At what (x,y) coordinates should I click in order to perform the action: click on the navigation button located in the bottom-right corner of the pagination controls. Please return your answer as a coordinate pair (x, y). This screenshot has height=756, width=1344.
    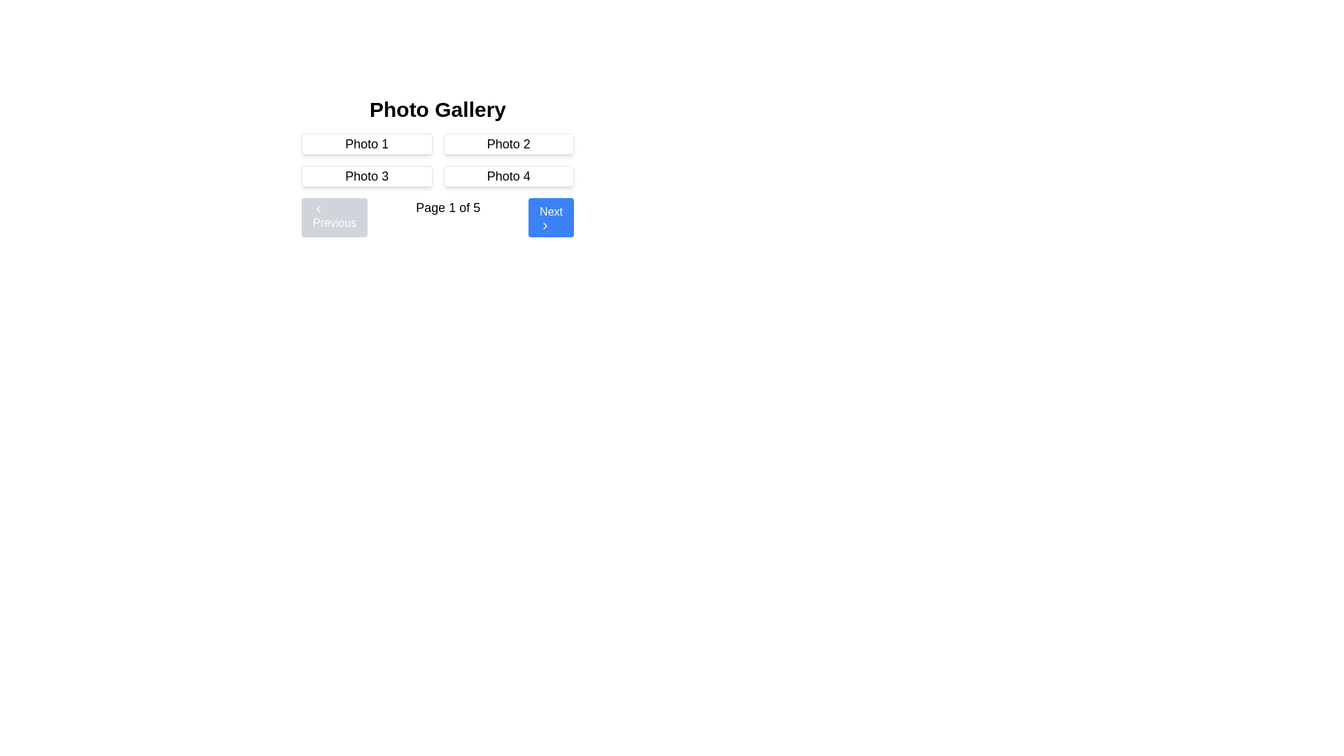
    Looking at the image, I should click on (550, 218).